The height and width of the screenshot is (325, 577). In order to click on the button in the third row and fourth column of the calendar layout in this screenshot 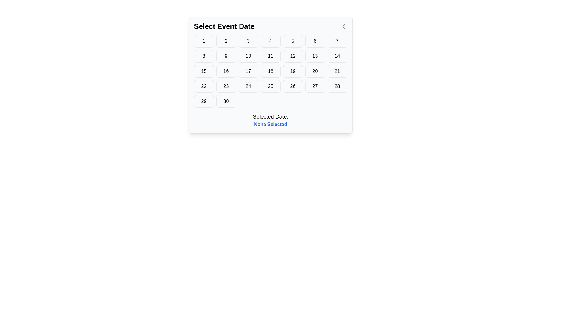, I will do `click(270, 71)`.